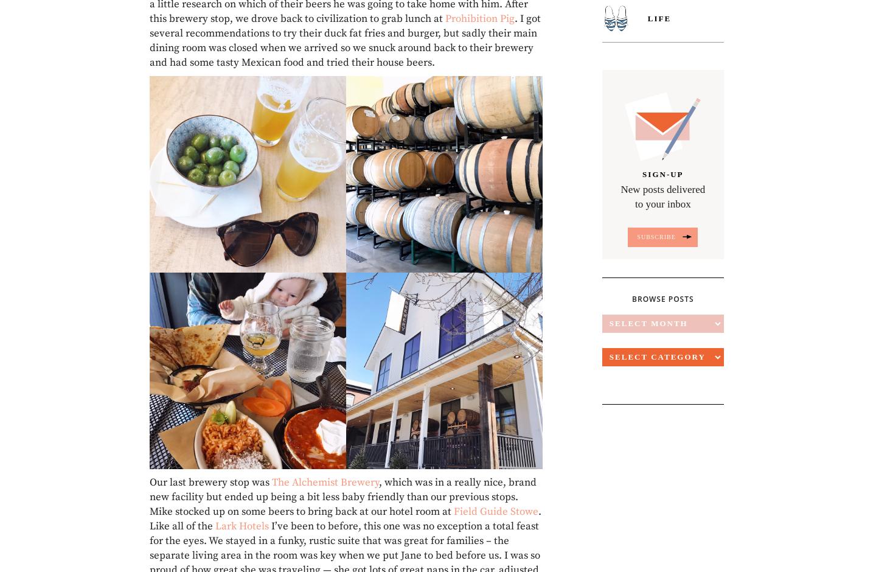  I want to click on 'Browse Posts', so click(662, 298).